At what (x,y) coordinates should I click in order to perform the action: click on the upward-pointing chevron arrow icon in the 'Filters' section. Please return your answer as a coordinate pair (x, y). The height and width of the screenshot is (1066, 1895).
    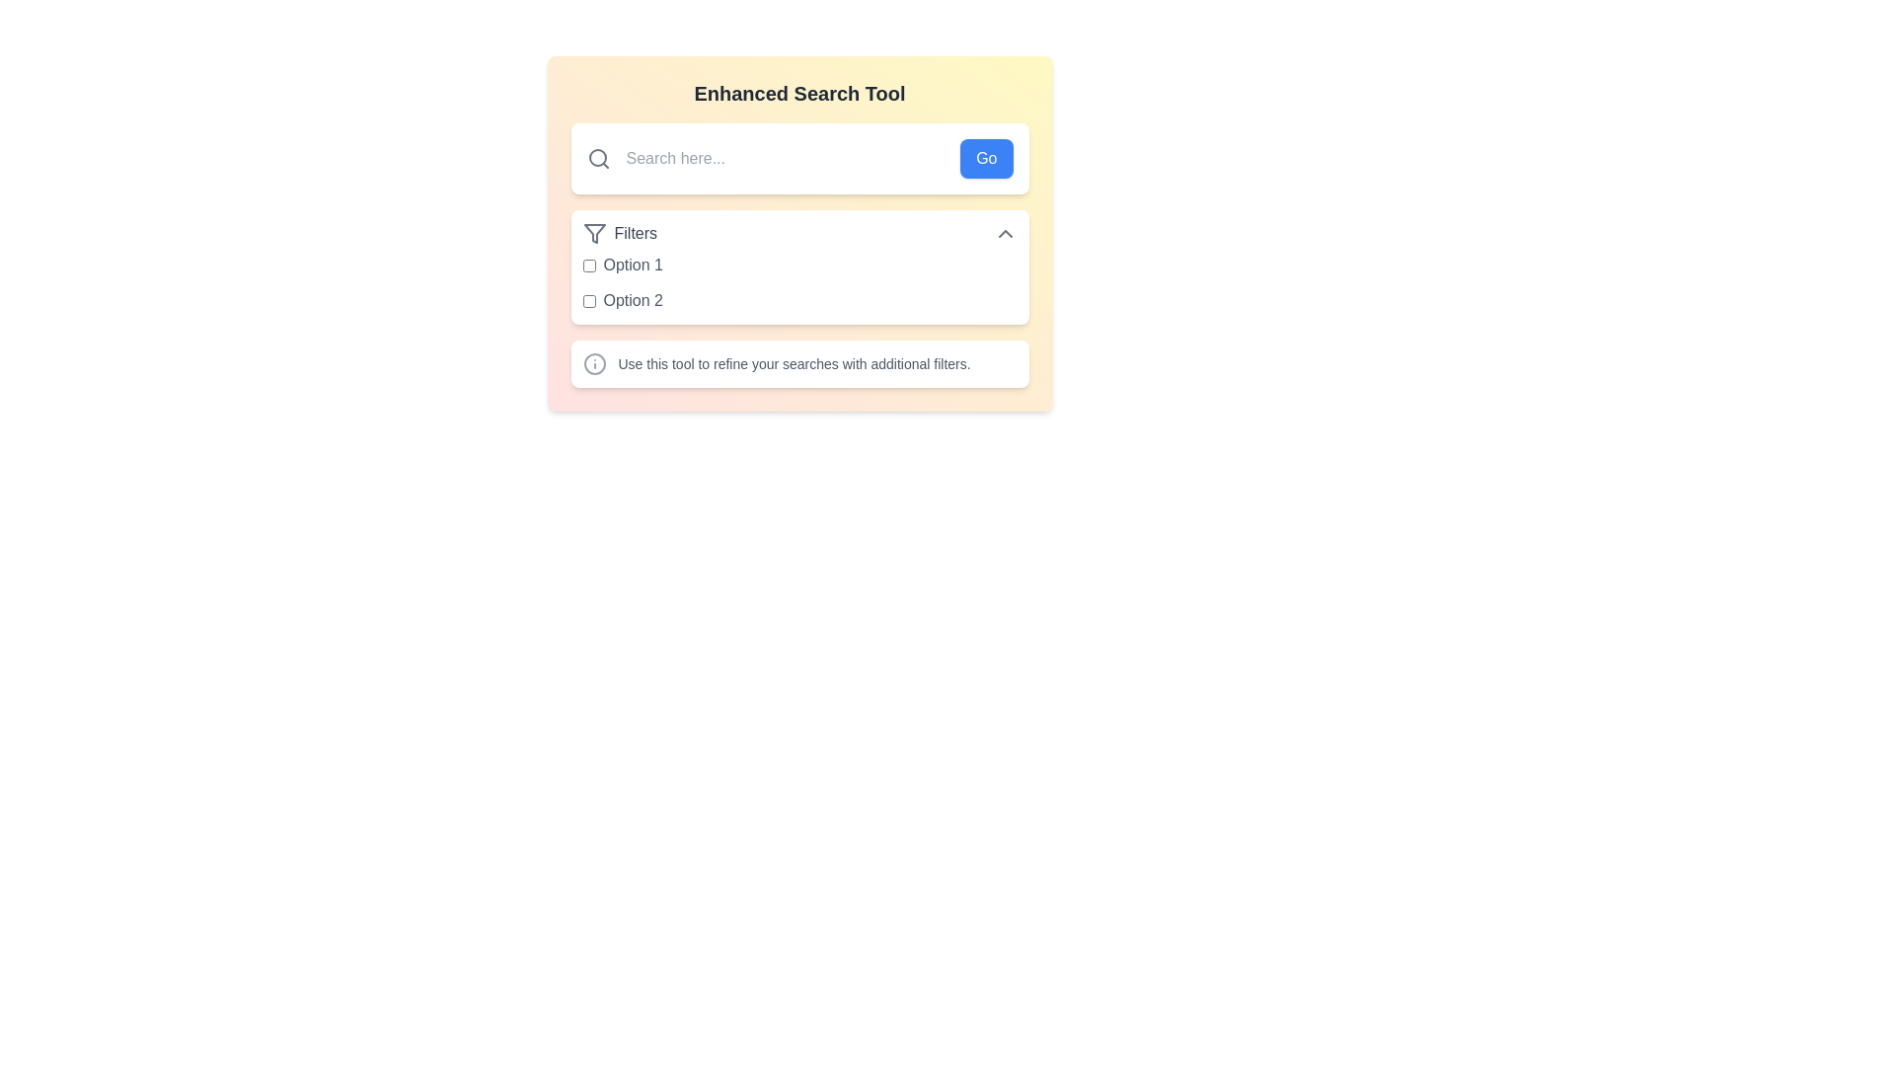
    Looking at the image, I should click on (1005, 232).